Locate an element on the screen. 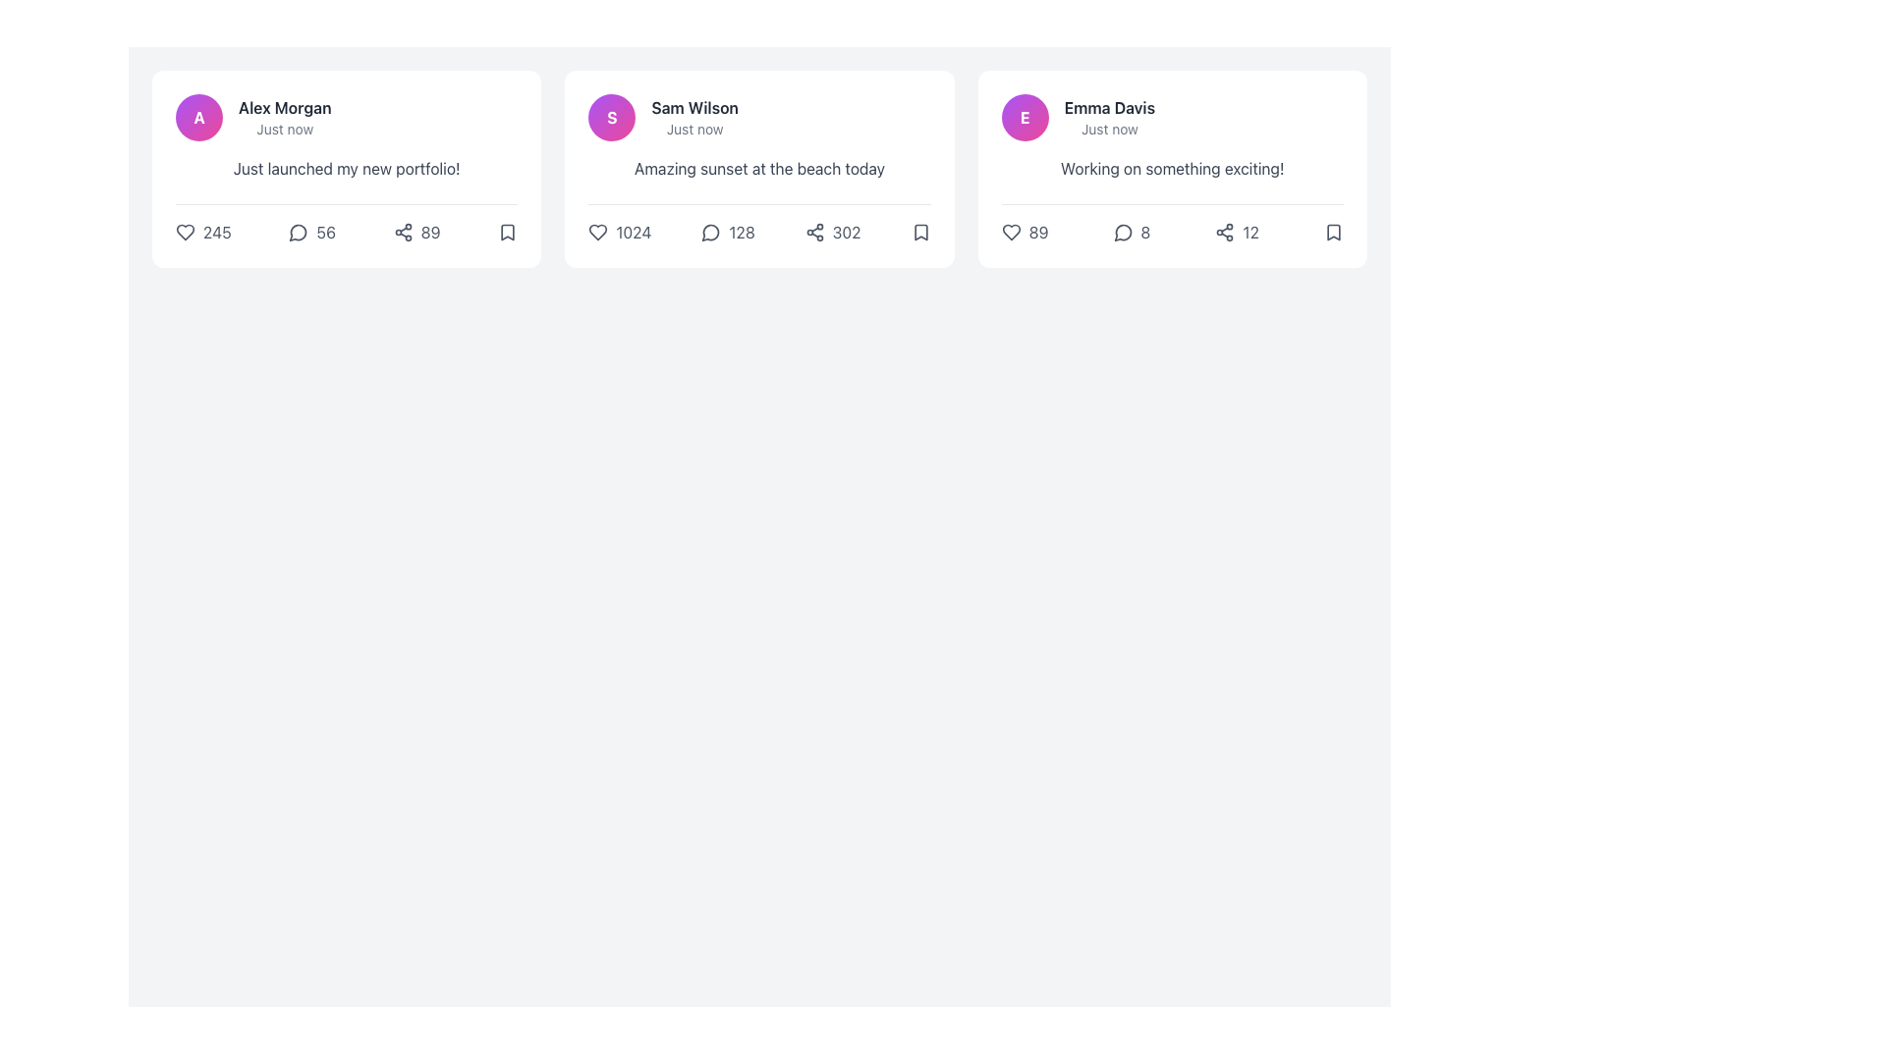 This screenshot has height=1060, width=1886. the Avatar icon representing 'Emma Davis' is located at coordinates (1024, 117).